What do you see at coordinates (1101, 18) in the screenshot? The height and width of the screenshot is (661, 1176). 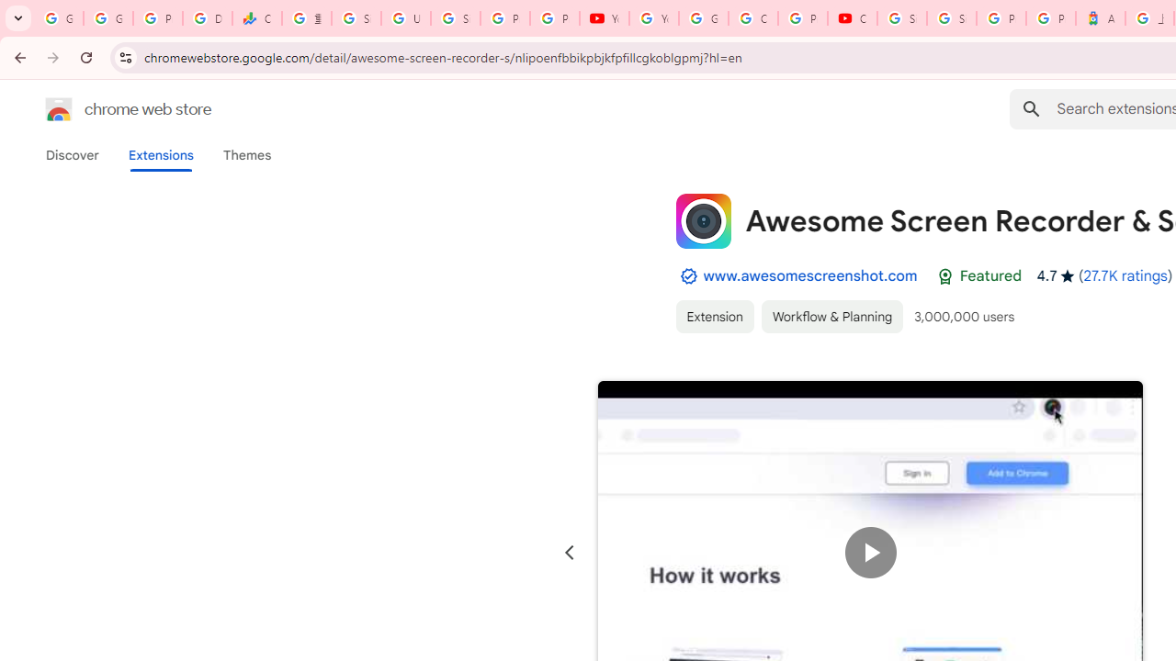 I see `'Atour Hotel - Google hotels'` at bounding box center [1101, 18].